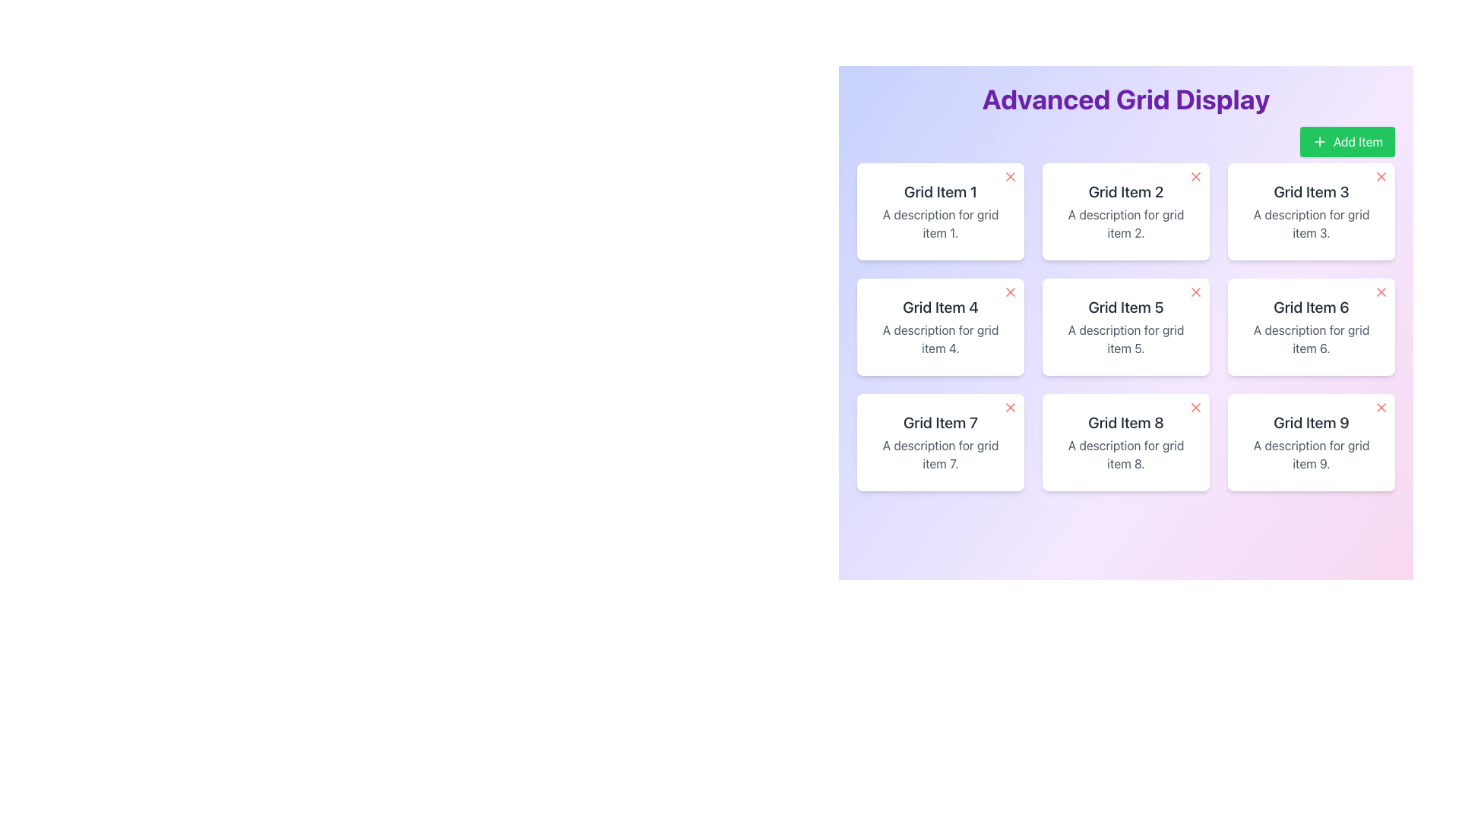 This screenshot has width=1459, height=820. Describe the element at coordinates (1311, 442) in the screenshot. I see `the ninth card in the grid located at the bottom-right corner` at that location.